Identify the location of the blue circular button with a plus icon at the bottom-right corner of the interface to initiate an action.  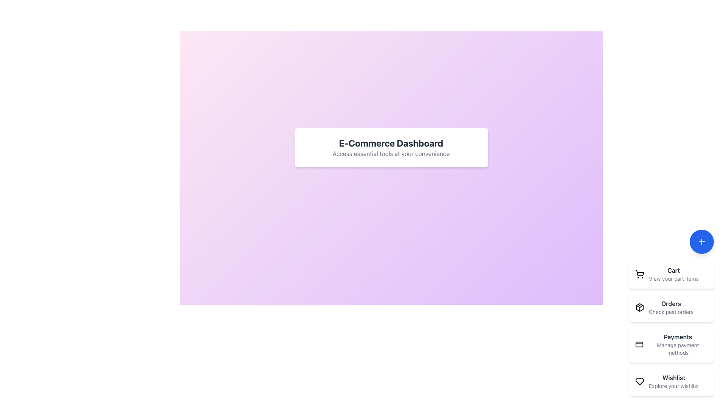
(701, 242).